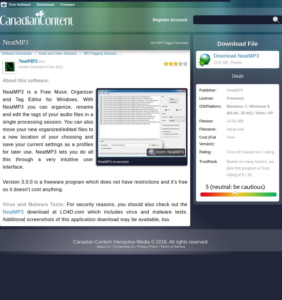 Image resolution: width=282 pixels, height=300 pixels. What do you see at coordinates (26, 80) in the screenshot?
I see `'About this software:'` at bounding box center [26, 80].